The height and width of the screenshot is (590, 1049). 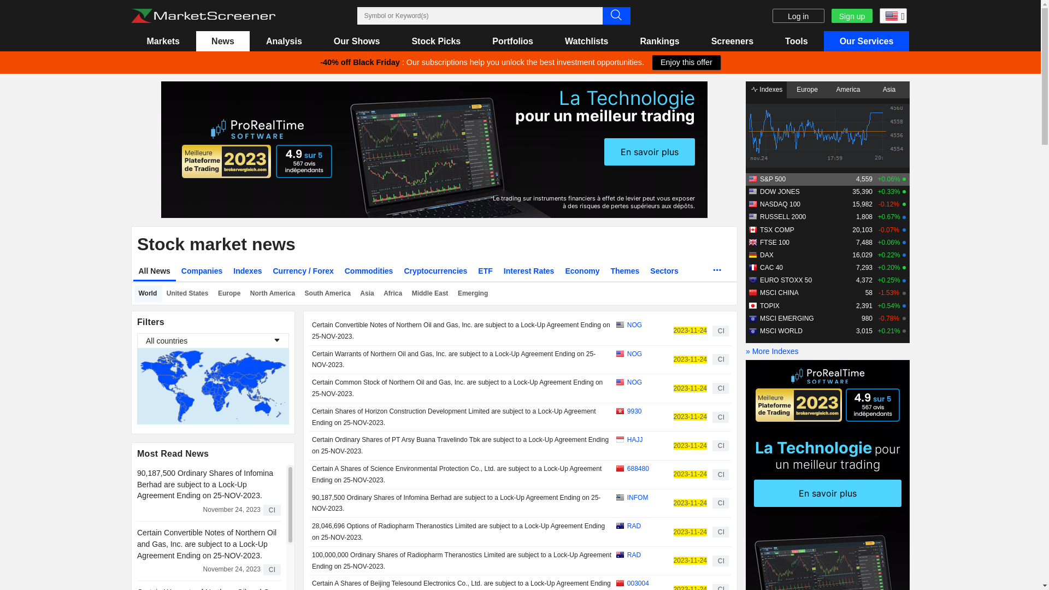 I want to click on 'Screeners', so click(x=732, y=40).